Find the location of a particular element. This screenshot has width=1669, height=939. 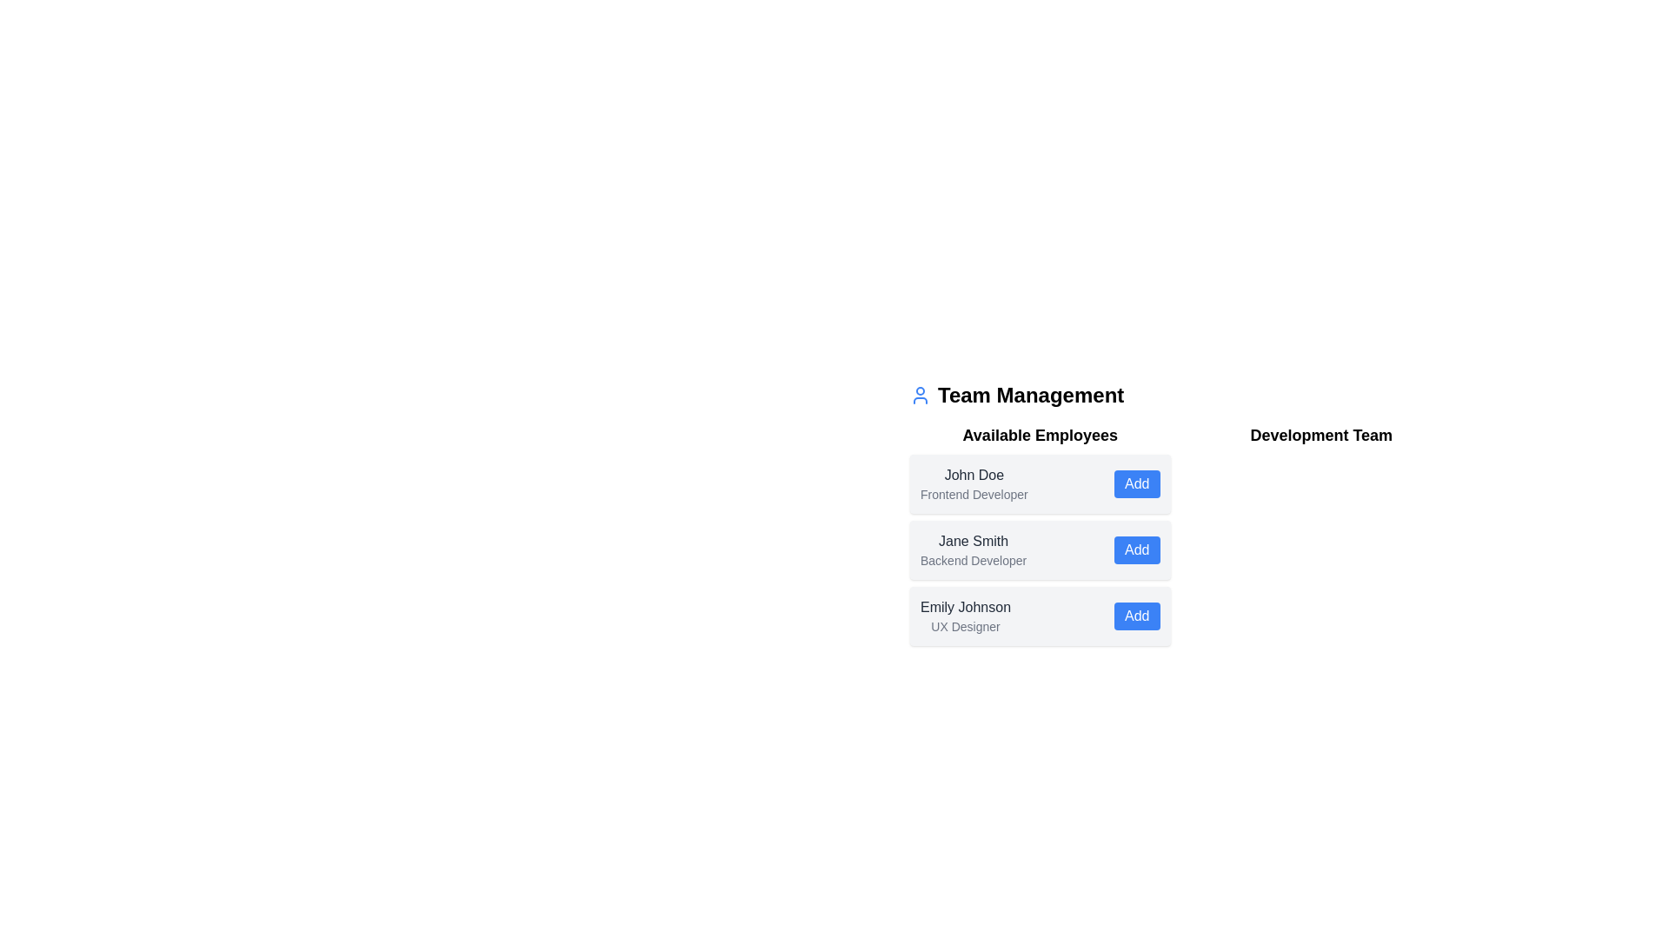

the decorative icon representing team functionalities in the 'Team Management' section, located at the far left of the section's title is located at coordinates (920, 396).